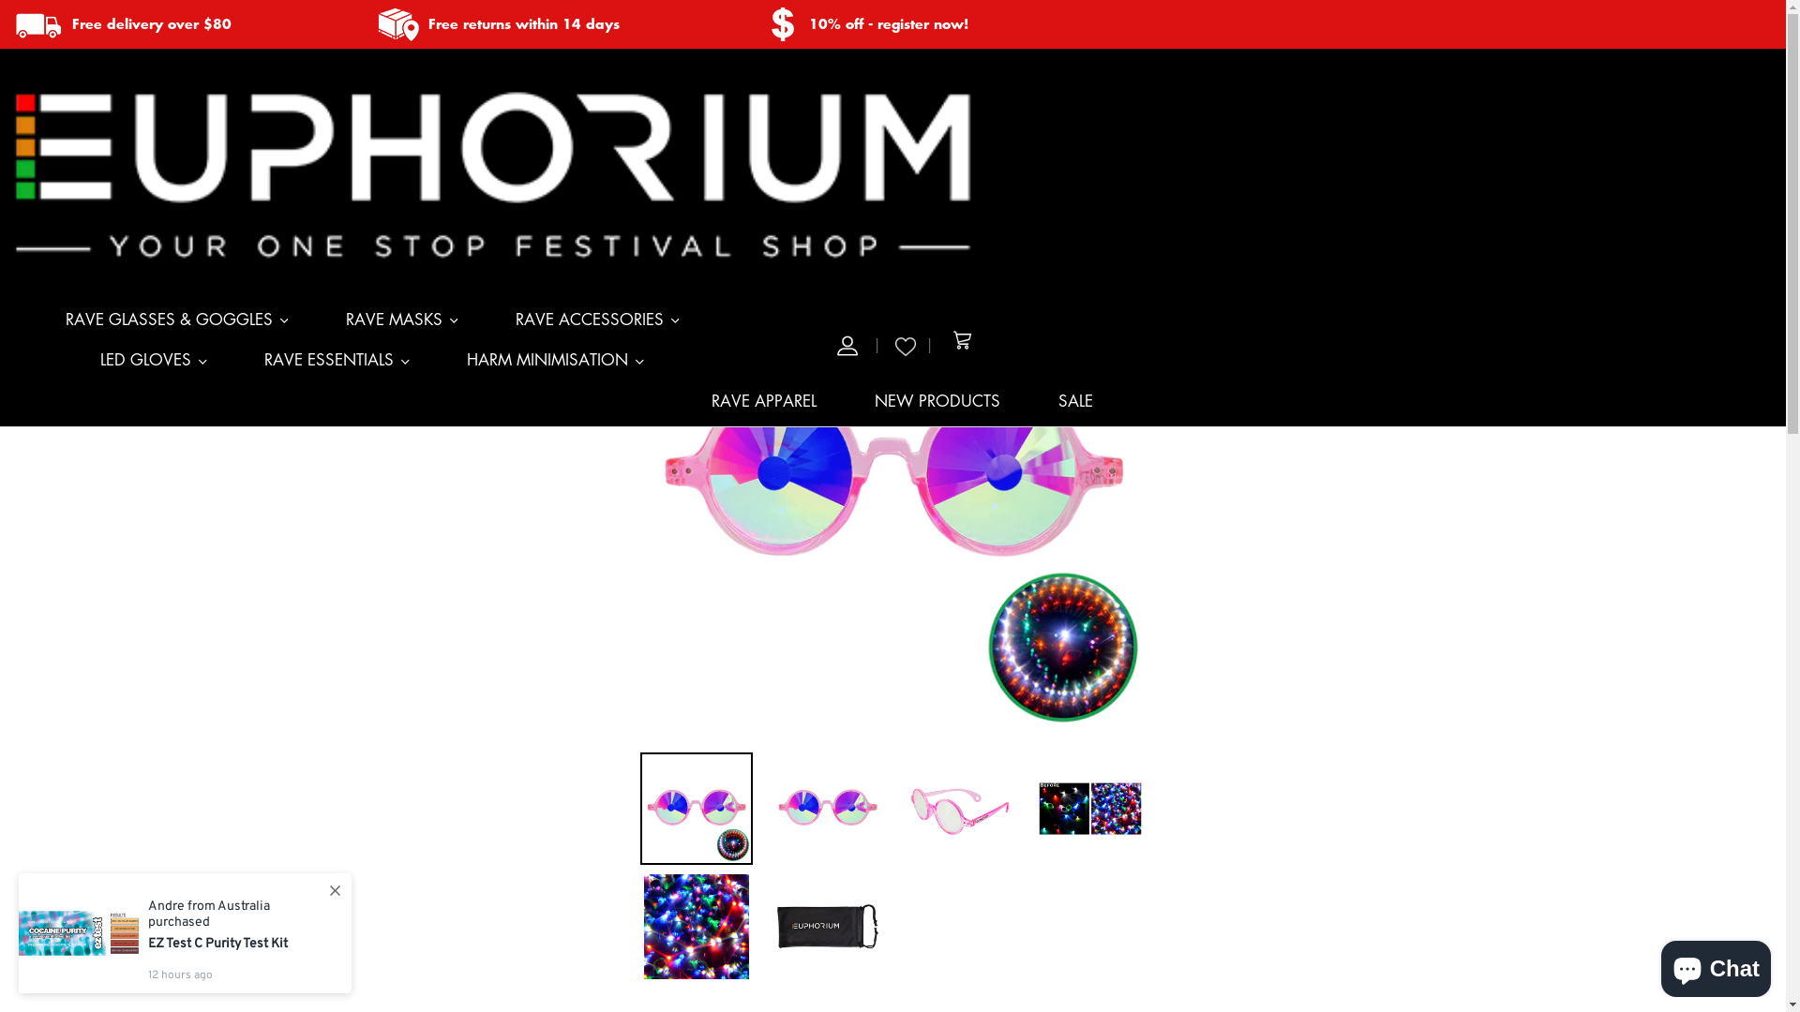  Describe the element at coordinates (937, 406) in the screenshot. I see `'NEW PRODUCTS'` at that location.